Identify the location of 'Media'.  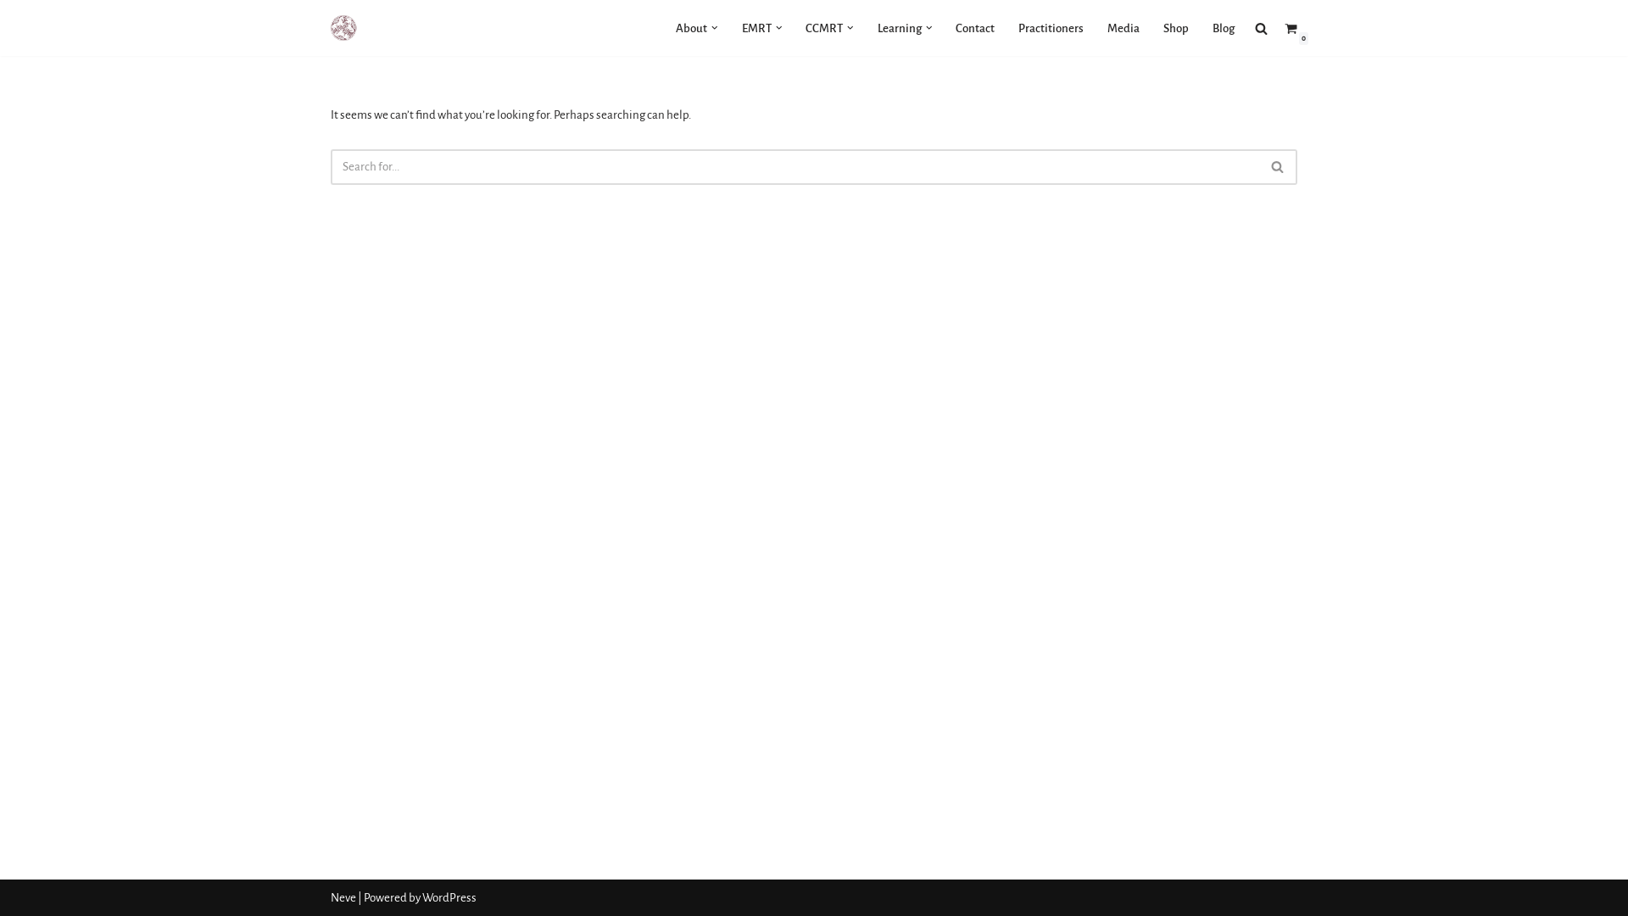
(1123, 27).